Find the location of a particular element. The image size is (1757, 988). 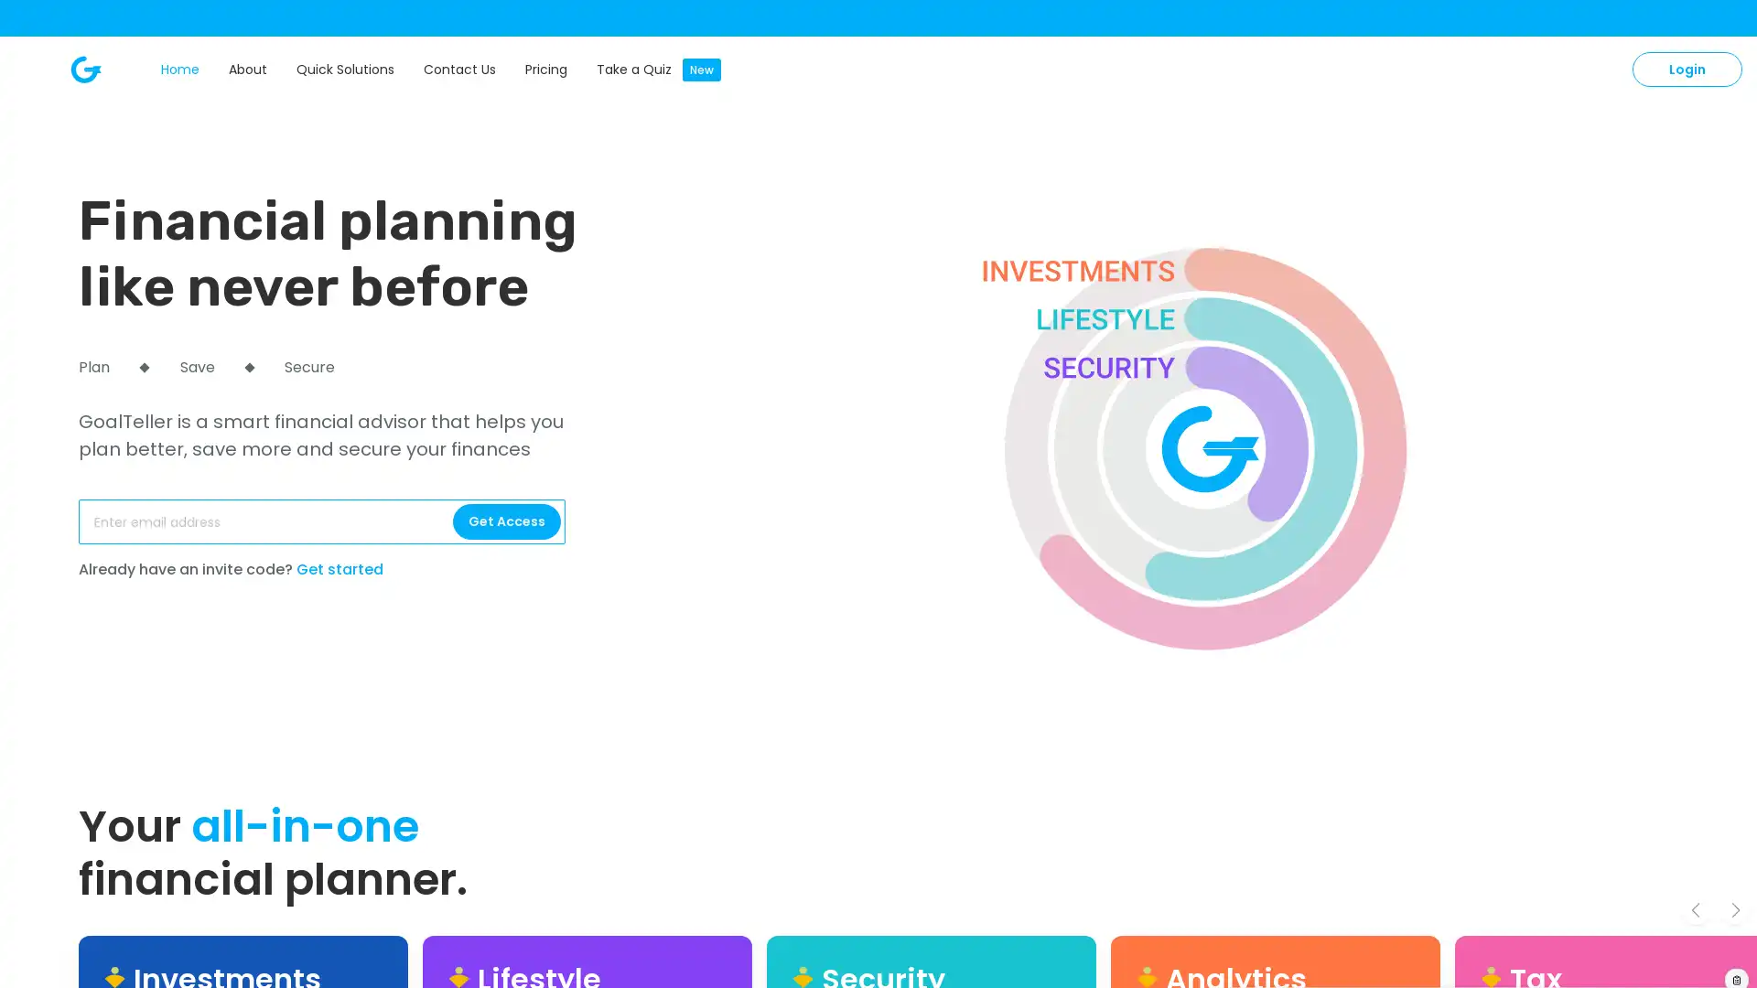

Previous slide is located at coordinates (1695, 909).